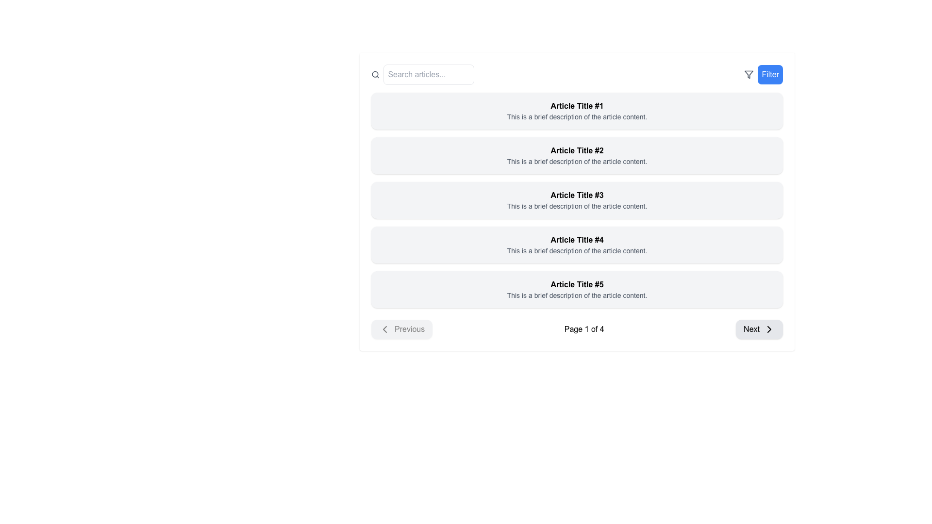 The height and width of the screenshot is (524, 932). Describe the element at coordinates (577, 161) in the screenshot. I see `text content of the gray text element that states 'This is a brief description of the article content.' located in the second card below the bold title 'Article Title #2'` at that location.